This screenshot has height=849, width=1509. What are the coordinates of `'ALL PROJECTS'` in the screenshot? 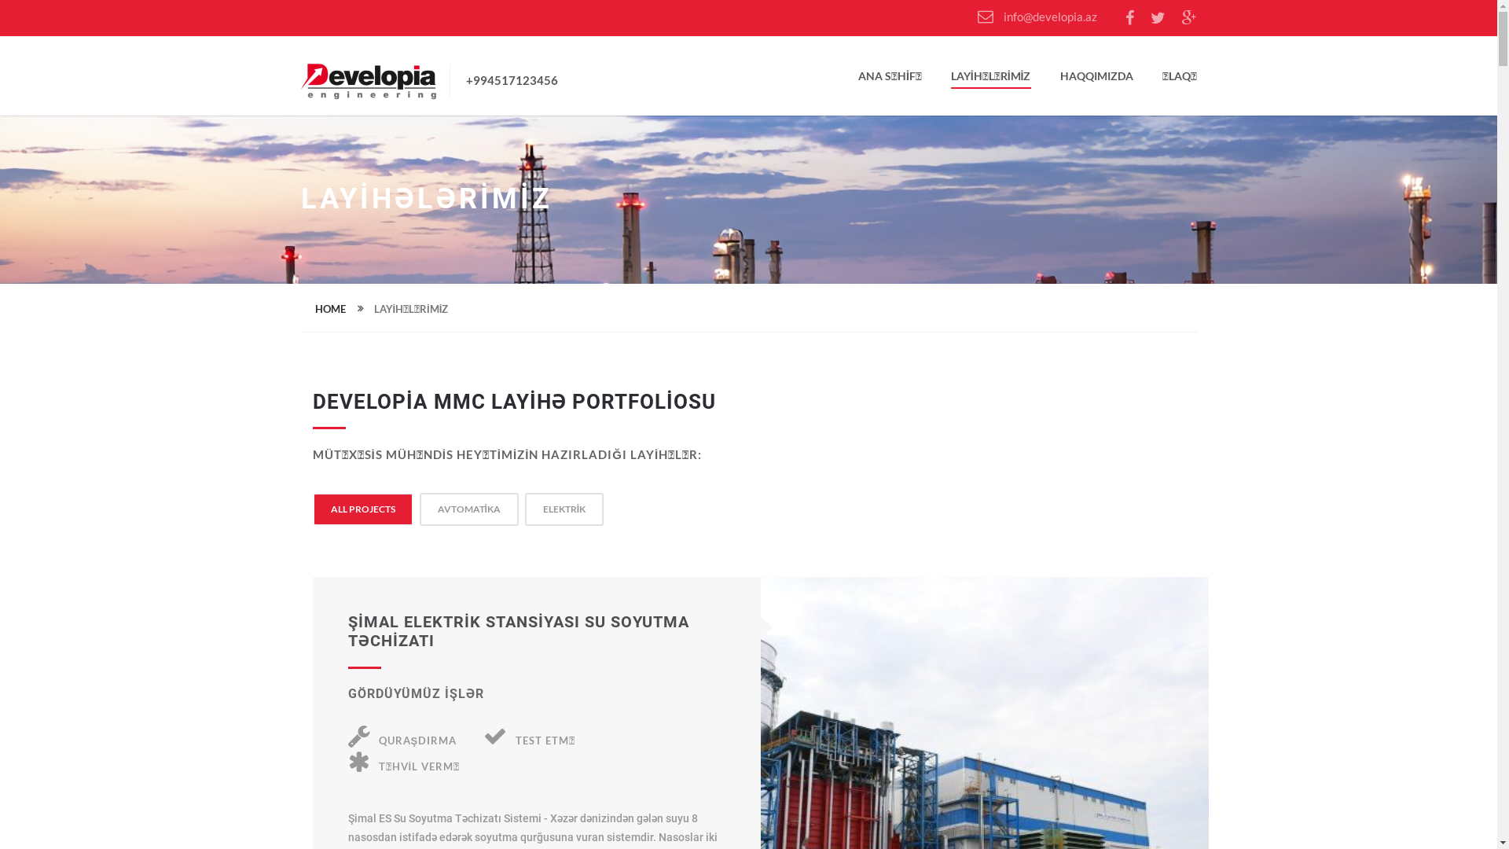 It's located at (329, 509).